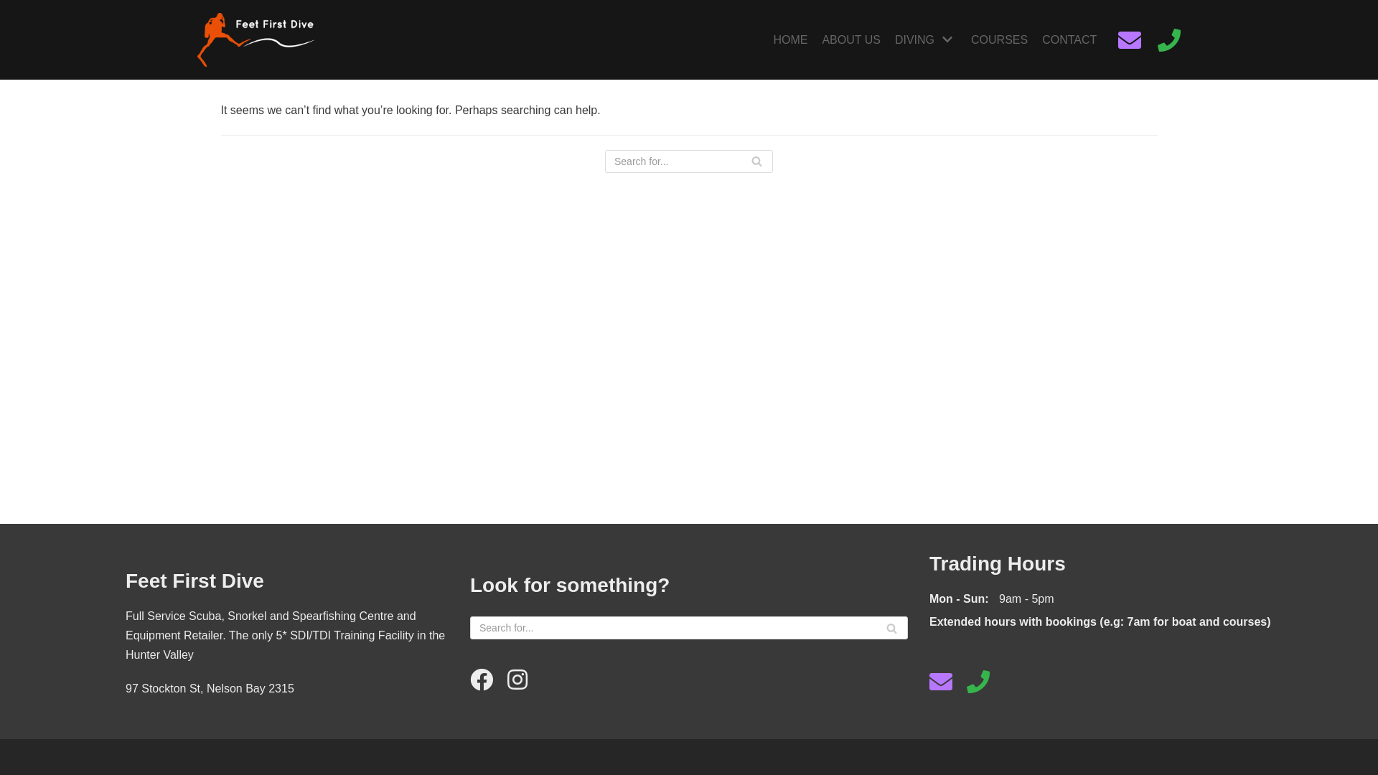  I want to click on 'HOME', so click(789, 39).